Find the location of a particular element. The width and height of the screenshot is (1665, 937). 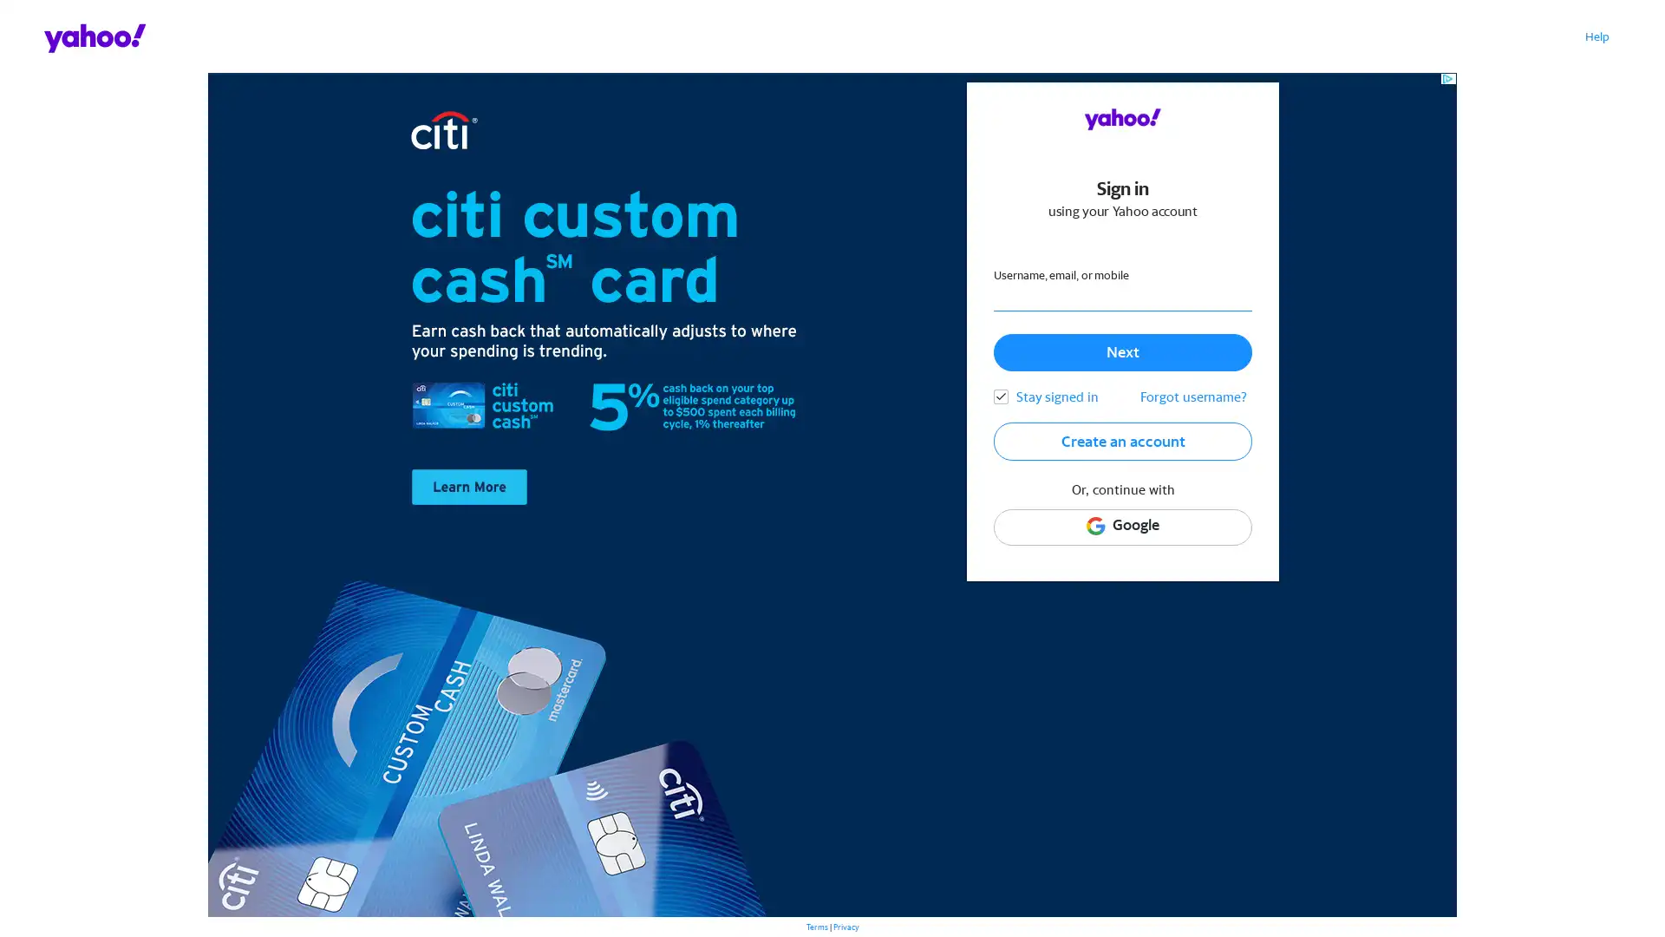

Create an account is located at coordinates (1122, 440).